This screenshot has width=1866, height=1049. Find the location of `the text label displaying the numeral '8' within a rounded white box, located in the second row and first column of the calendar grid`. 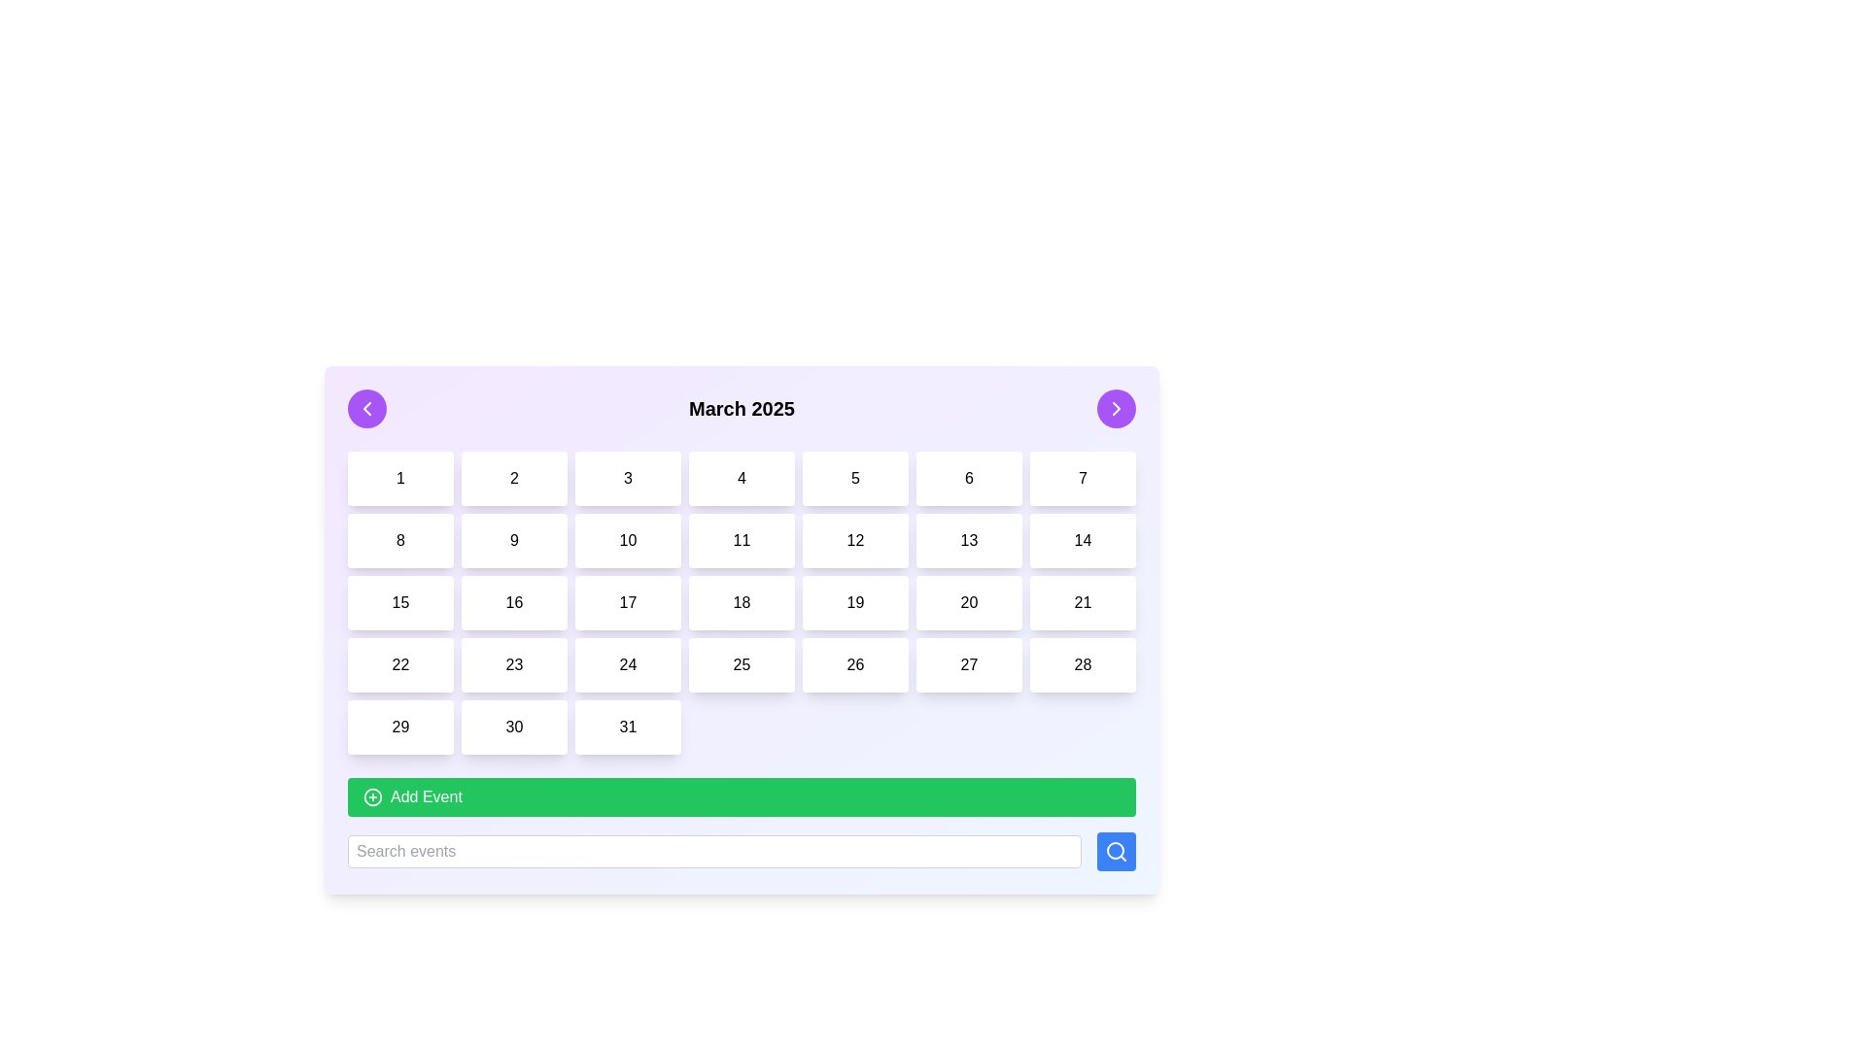

the text label displaying the numeral '8' within a rounded white box, located in the second row and first column of the calendar grid is located at coordinates (399, 540).